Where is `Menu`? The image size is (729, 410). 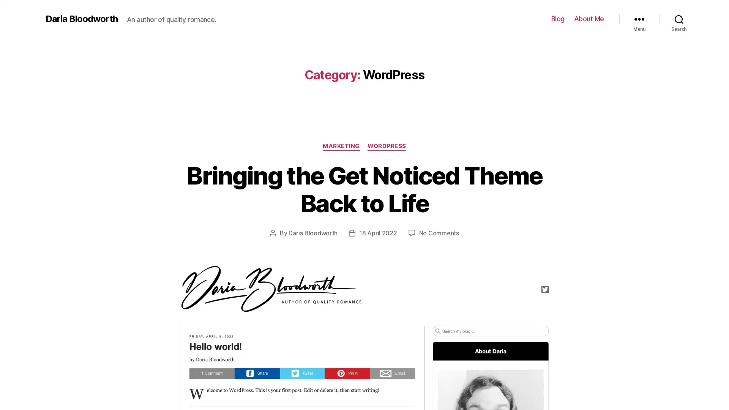
Menu is located at coordinates (639, 19).